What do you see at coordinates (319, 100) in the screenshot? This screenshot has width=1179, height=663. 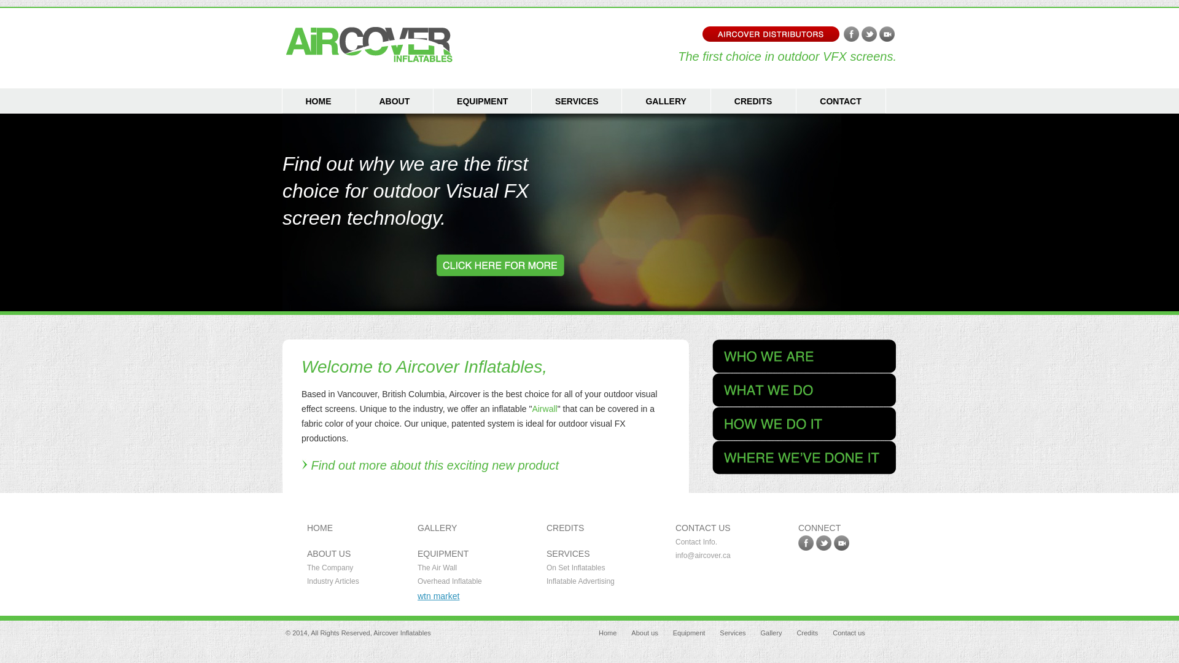 I see `'HOME'` at bounding box center [319, 100].